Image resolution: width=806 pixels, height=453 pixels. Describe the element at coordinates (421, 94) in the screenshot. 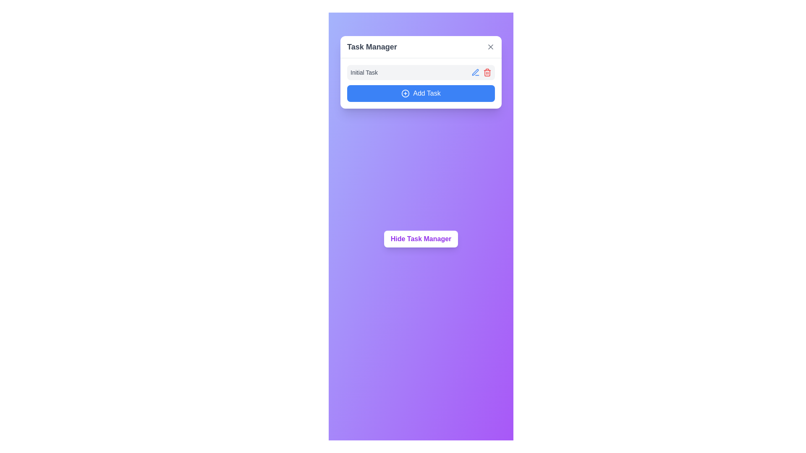

I see `the 'Add Task' button, which is a rectangular button with rounded corners, blue background, and white text` at that location.